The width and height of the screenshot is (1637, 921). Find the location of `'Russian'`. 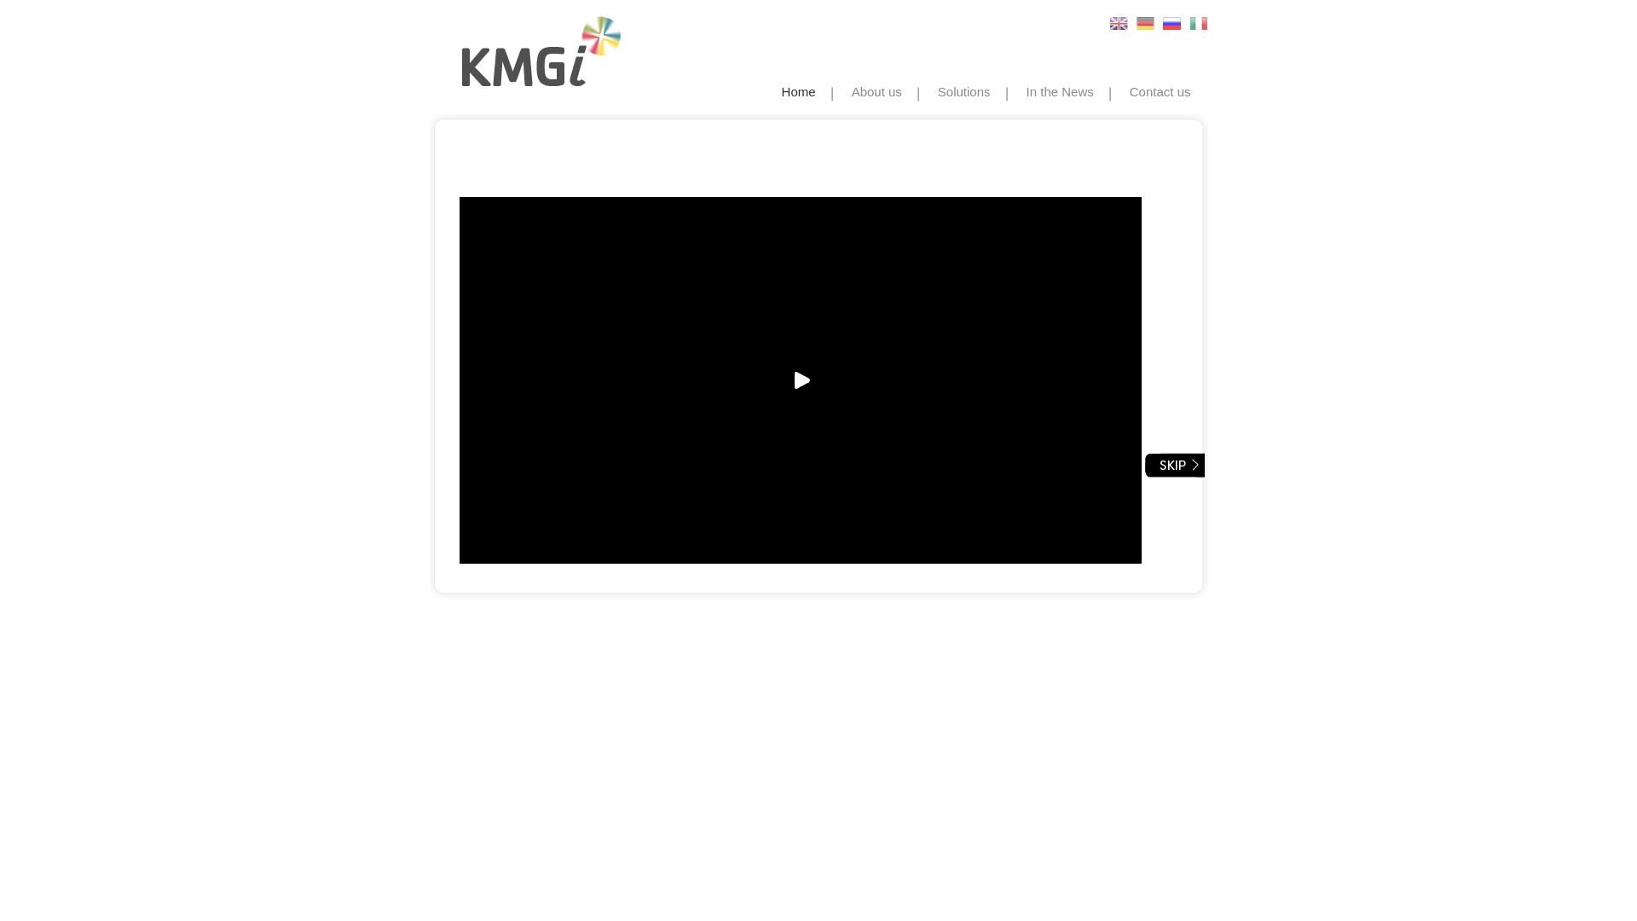

'Russian' is located at coordinates (1171, 23).